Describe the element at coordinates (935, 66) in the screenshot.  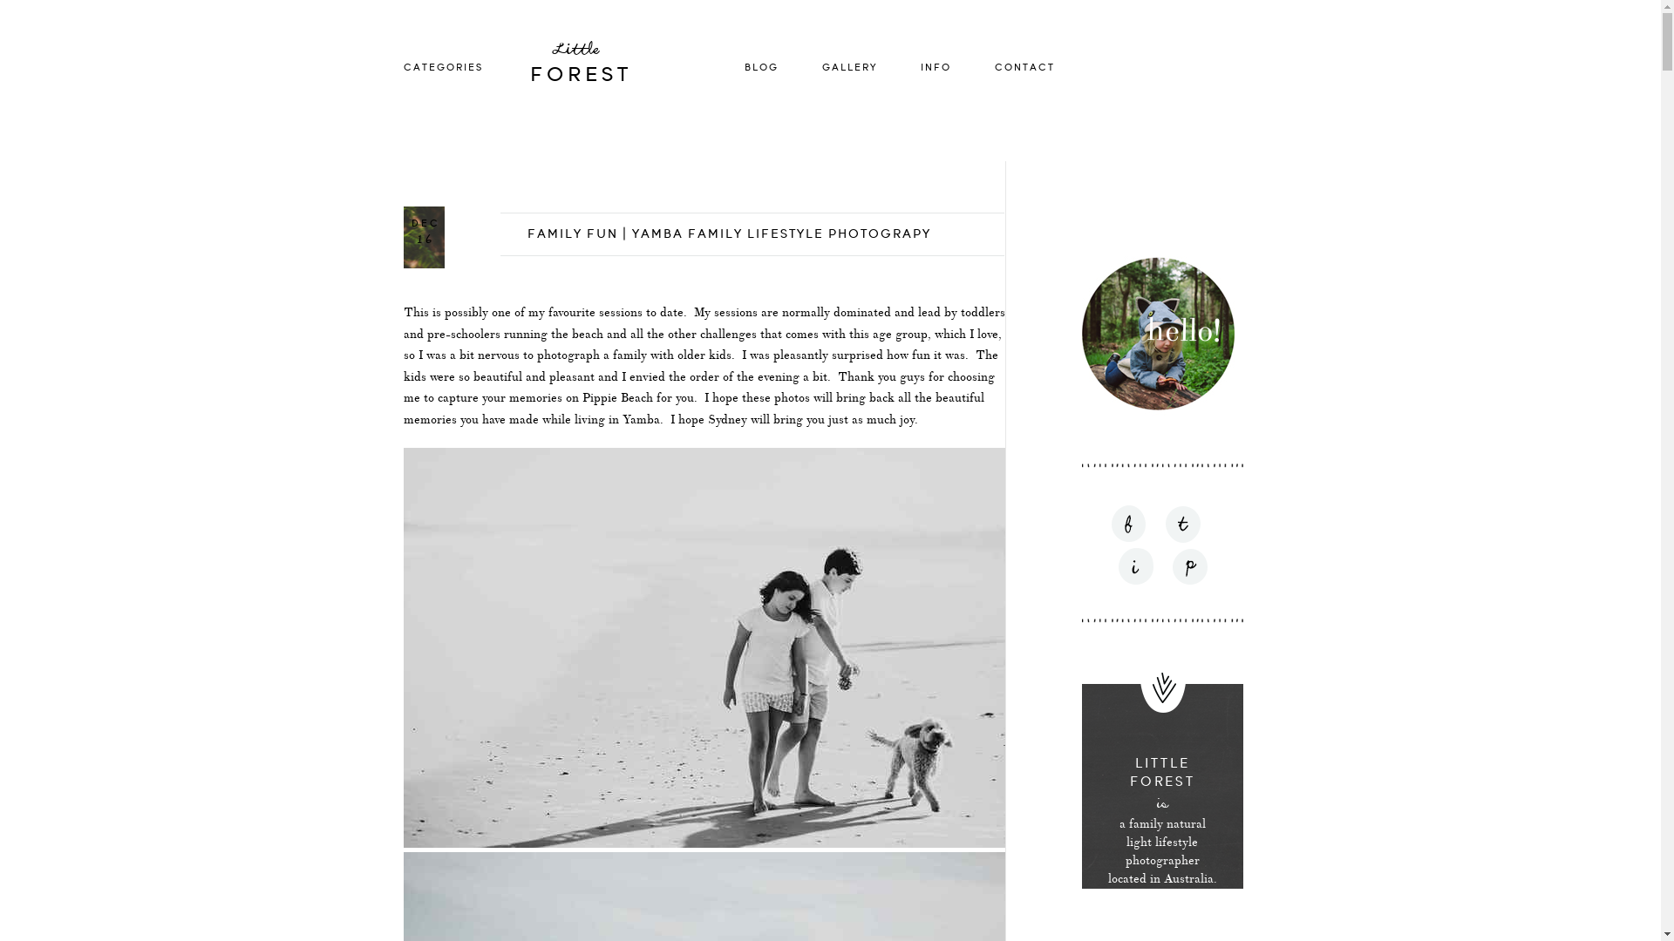
I see `'INFO'` at that location.